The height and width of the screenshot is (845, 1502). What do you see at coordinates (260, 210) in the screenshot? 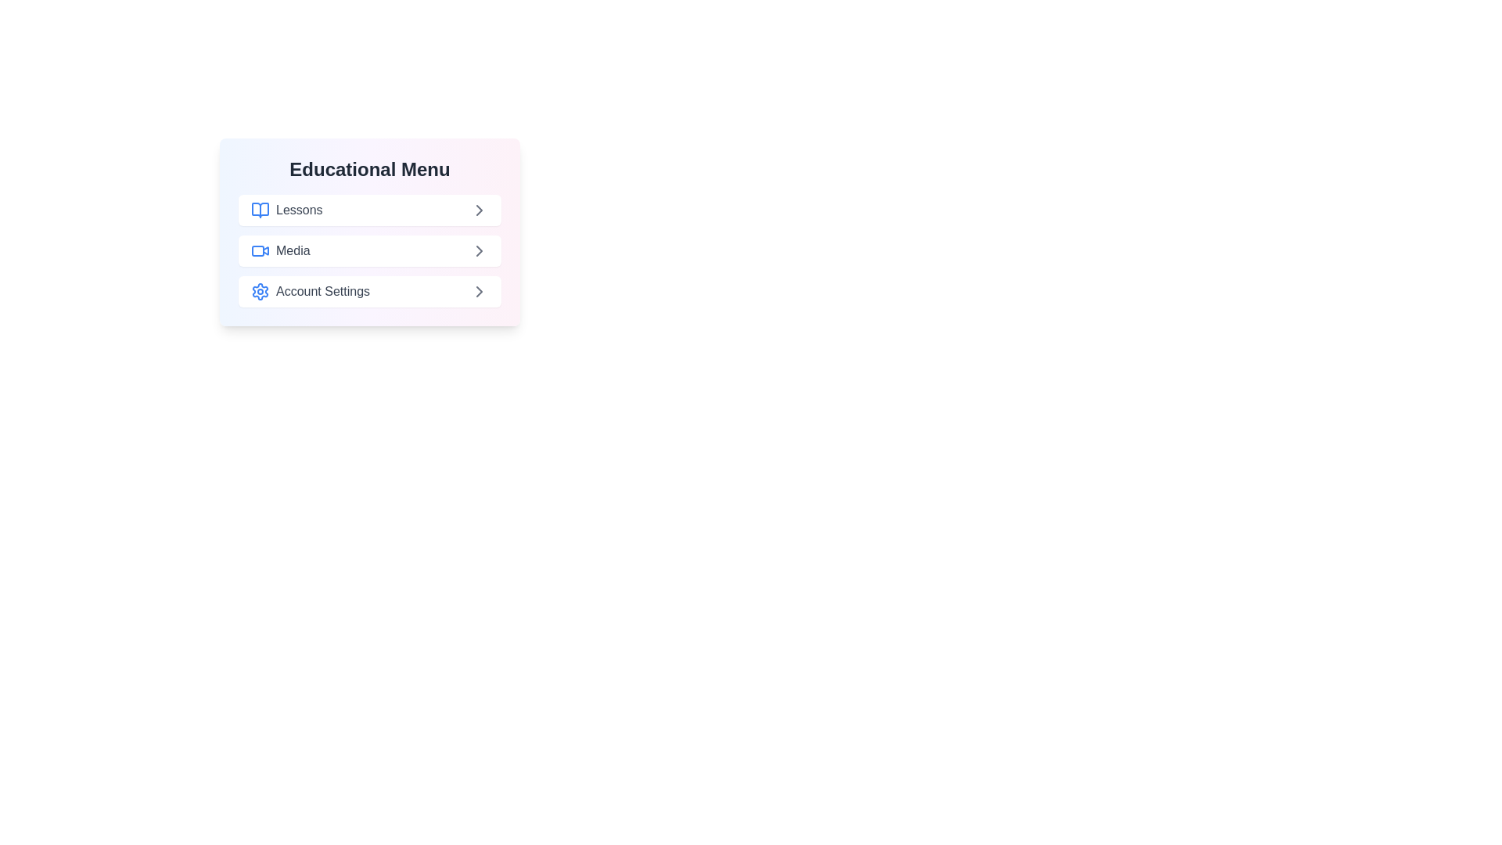
I see `the distinctive blue-colored icon resembling an open book, located prominently to the left of the 'Lessons' text in the Educational Menu` at bounding box center [260, 210].